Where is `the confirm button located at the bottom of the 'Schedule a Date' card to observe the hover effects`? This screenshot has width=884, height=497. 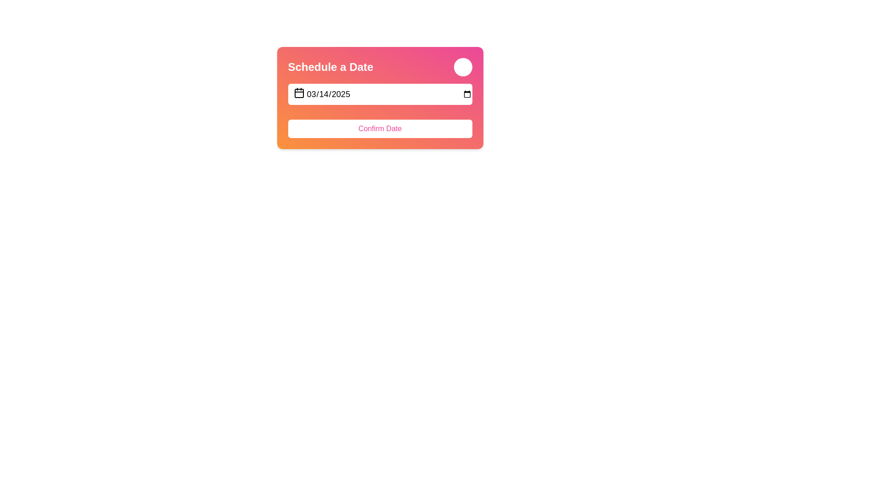
the confirm button located at the bottom of the 'Schedule a Date' card to observe the hover effects is located at coordinates (380, 110).